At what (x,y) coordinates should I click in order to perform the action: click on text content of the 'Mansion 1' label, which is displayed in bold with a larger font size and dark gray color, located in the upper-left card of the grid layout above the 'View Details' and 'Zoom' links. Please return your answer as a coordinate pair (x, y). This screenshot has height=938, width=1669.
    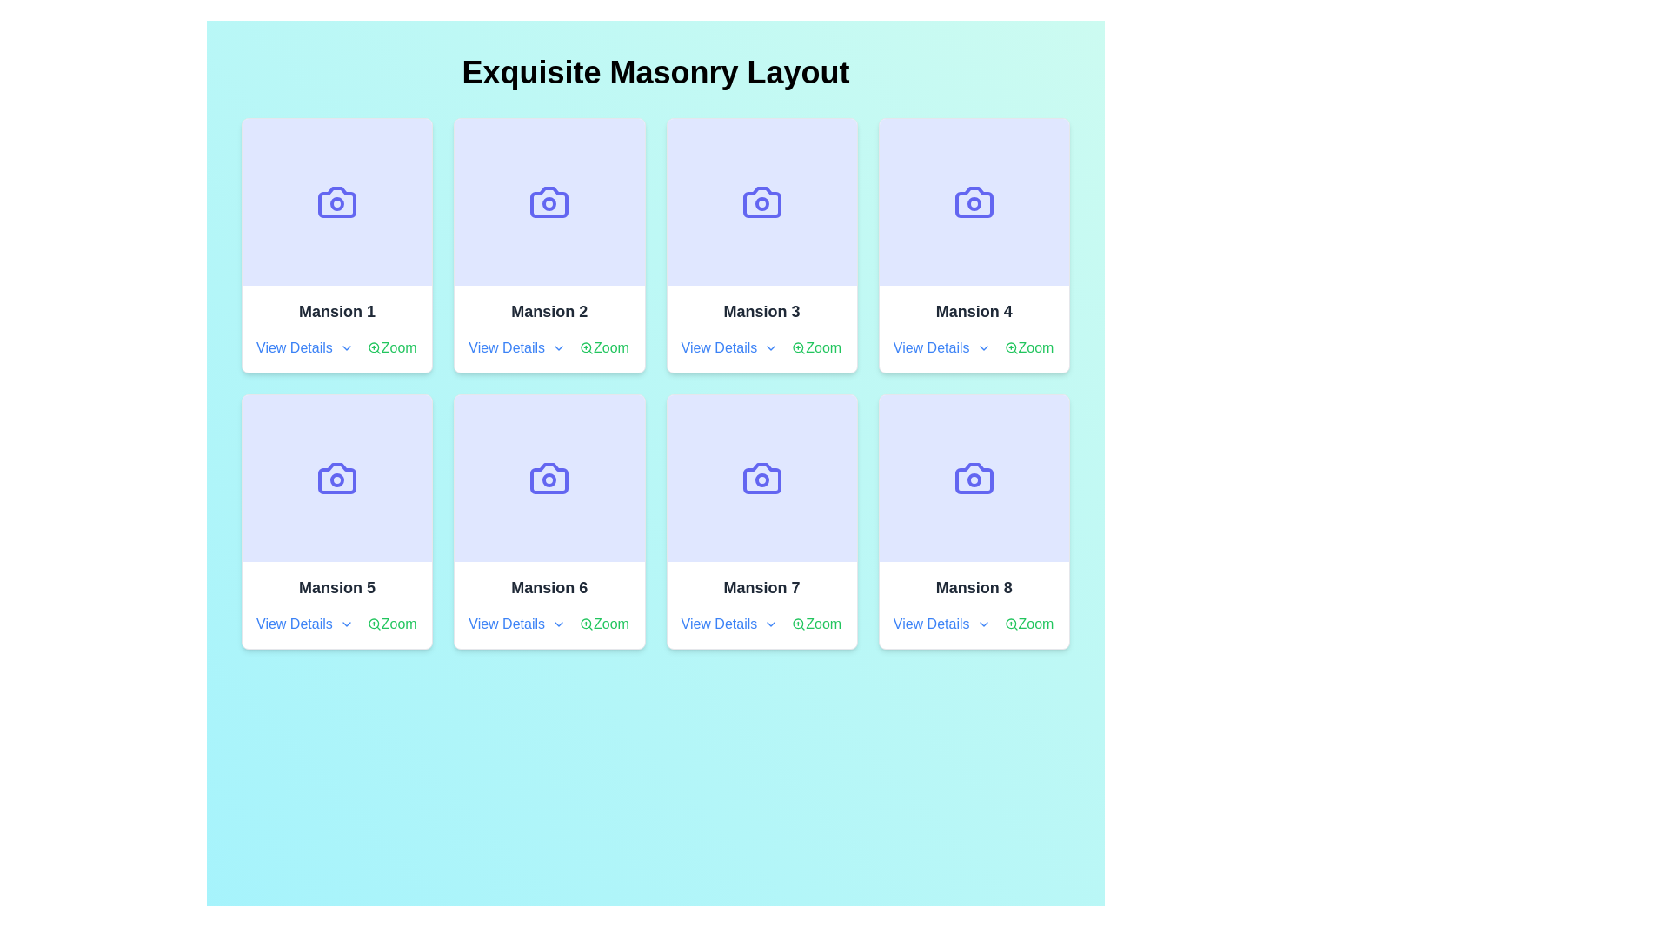
    Looking at the image, I should click on (337, 310).